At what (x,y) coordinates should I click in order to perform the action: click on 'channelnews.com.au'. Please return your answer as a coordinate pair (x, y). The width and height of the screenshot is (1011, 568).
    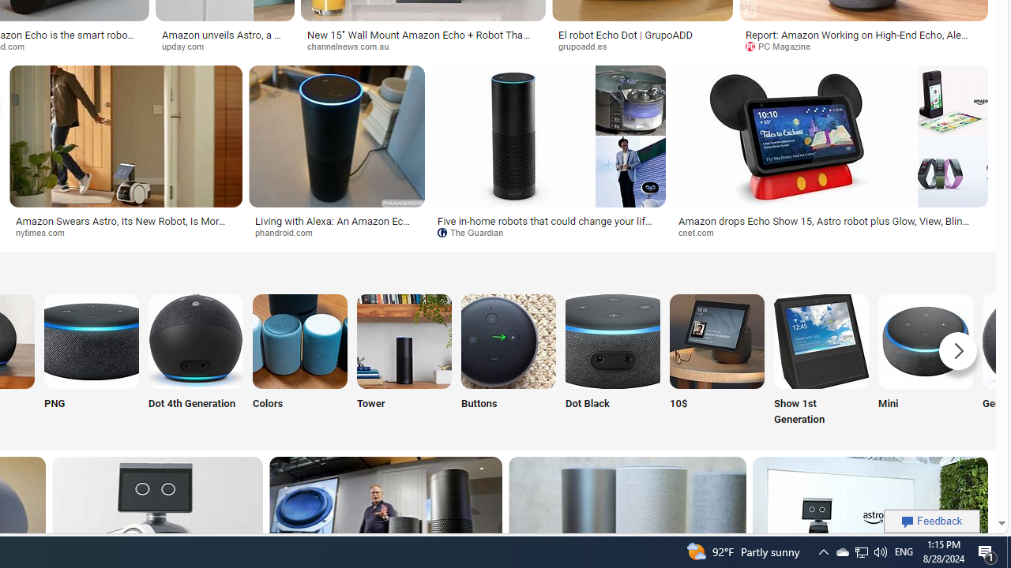
    Looking at the image, I should click on (423, 46).